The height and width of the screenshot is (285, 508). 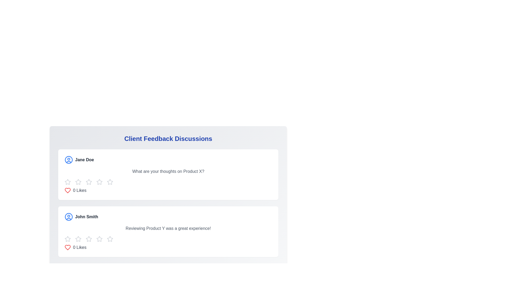 What do you see at coordinates (110, 239) in the screenshot?
I see `the last star icon` at bounding box center [110, 239].